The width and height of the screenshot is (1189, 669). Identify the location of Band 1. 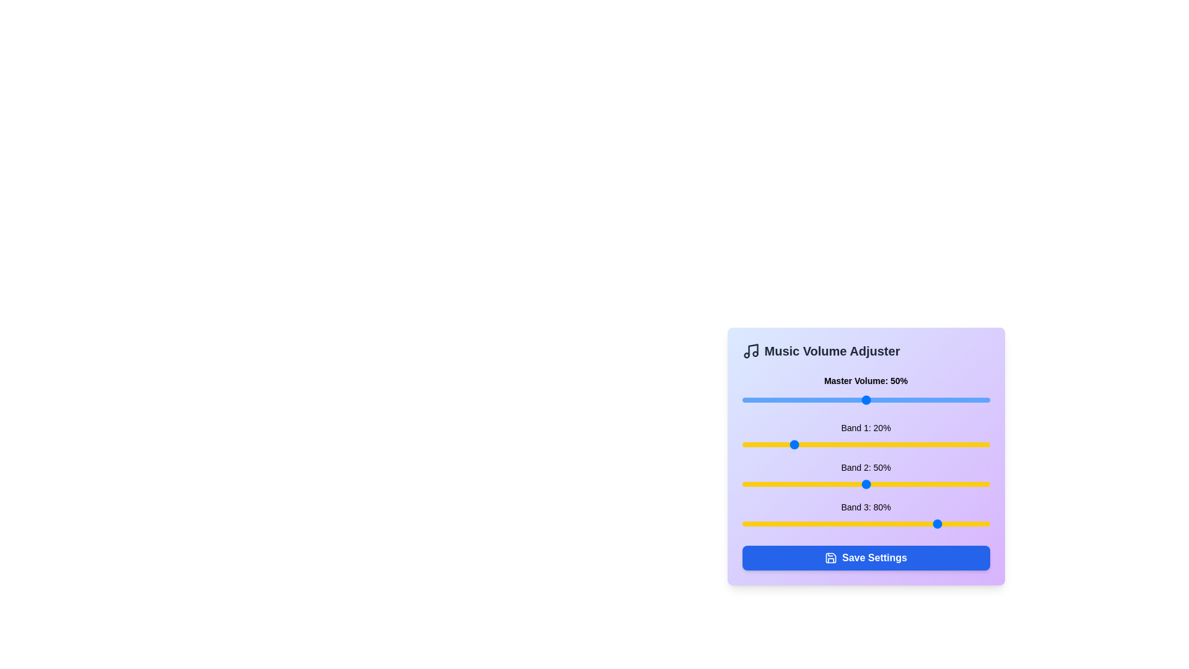
(875, 444).